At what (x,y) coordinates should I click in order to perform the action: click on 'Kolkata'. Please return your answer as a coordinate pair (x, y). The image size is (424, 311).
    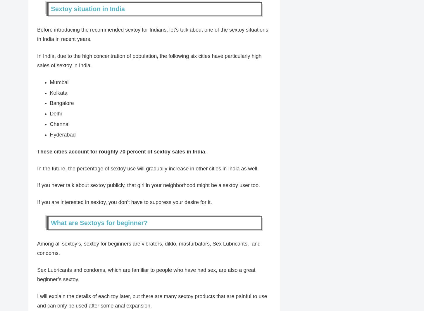
    Looking at the image, I should click on (58, 92).